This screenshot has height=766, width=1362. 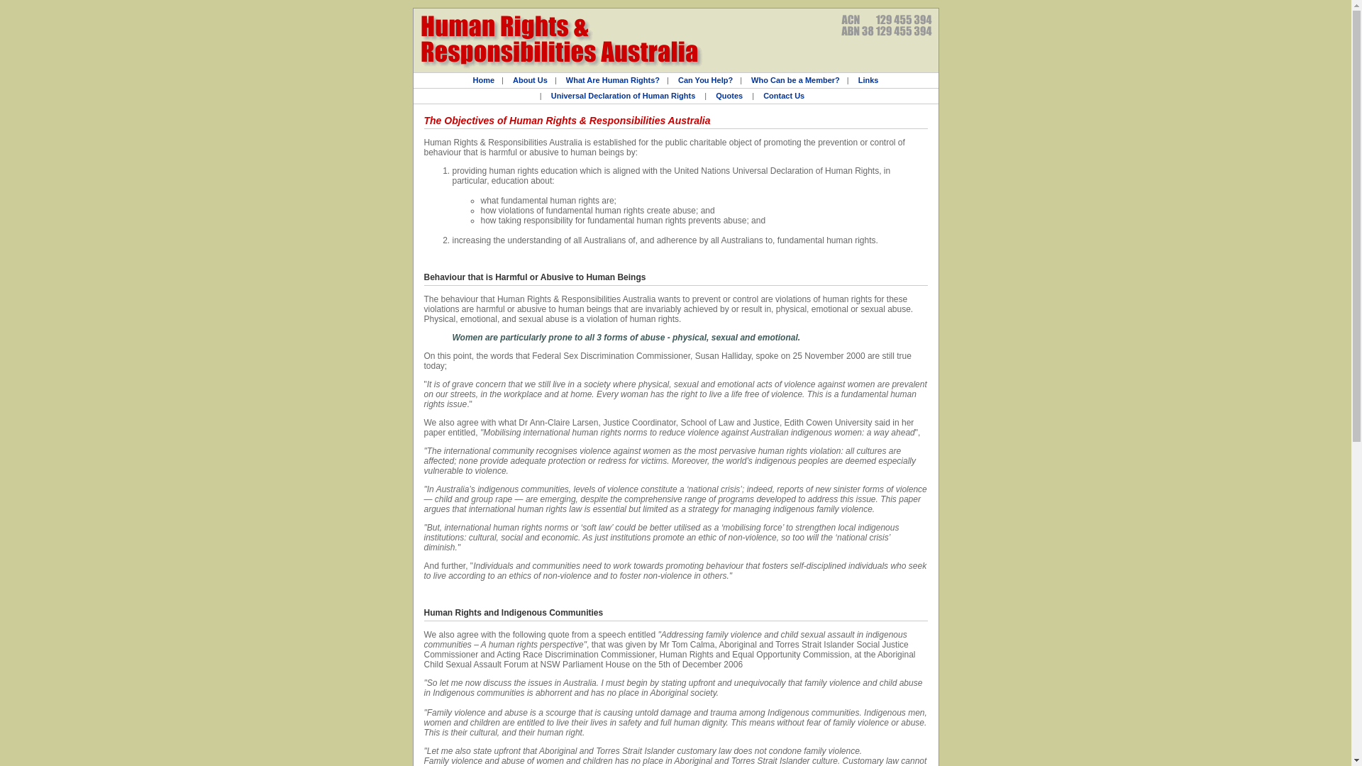 I want to click on 'Can You Help?', so click(x=705, y=79).